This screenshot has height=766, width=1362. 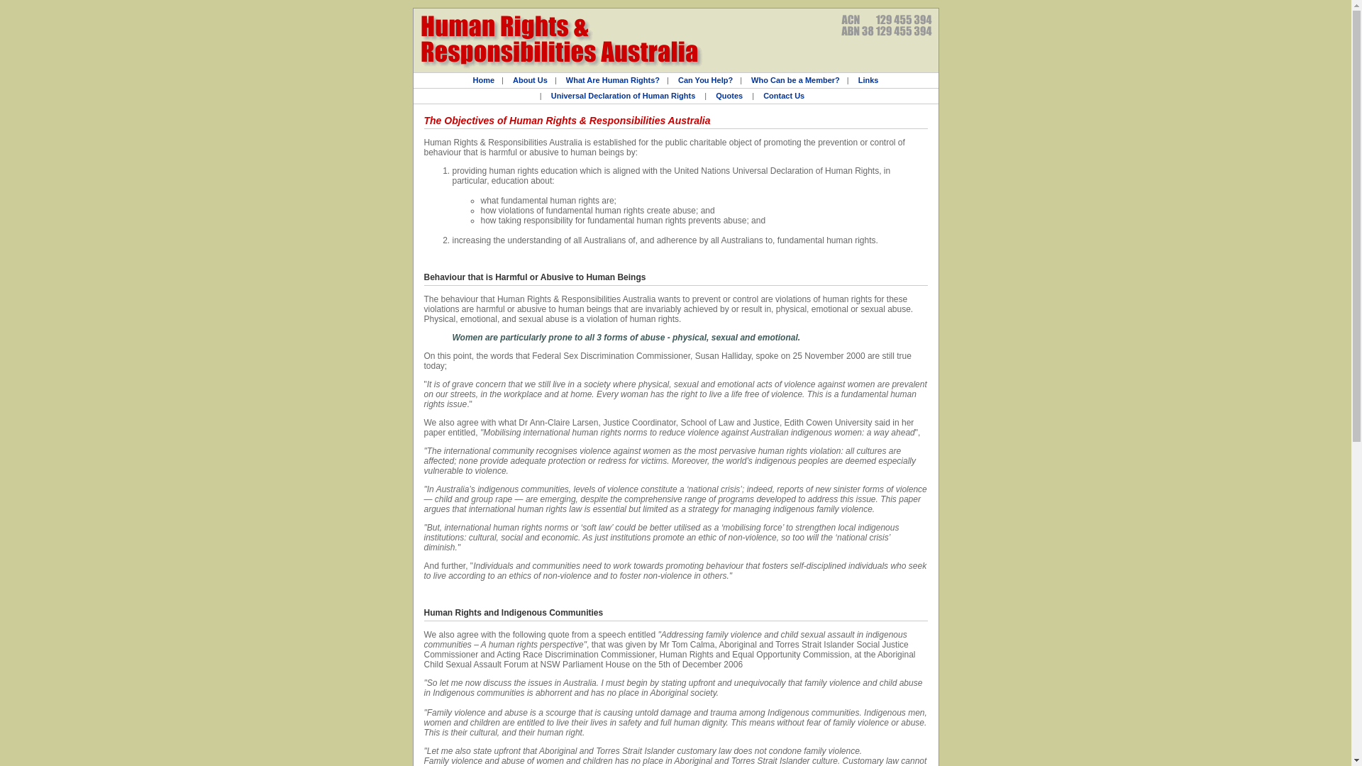 I want to click on 'Can You Help?', so click(x=705, y=79).